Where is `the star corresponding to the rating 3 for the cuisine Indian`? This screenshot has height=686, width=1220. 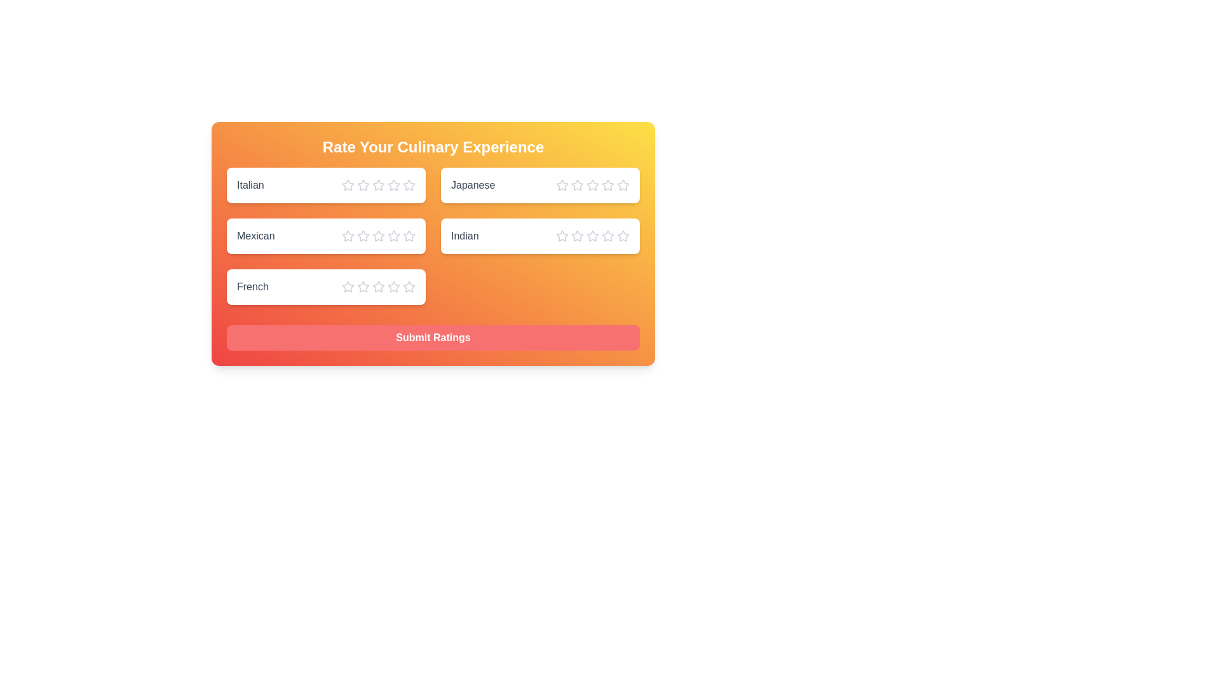 the star corresponding to the rating 3 for the cuisine Indian is located at coordinates (592, 236).